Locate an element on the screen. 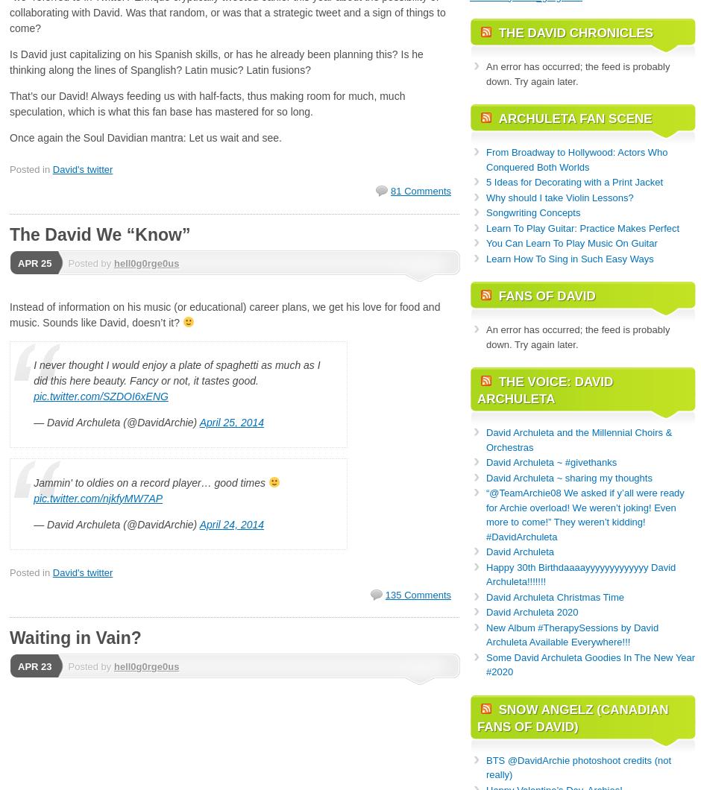 This screenshot has width=701, height=790. 'pic.twitter.com/njkfyMW7AP' is located at coordinates (97, 497).